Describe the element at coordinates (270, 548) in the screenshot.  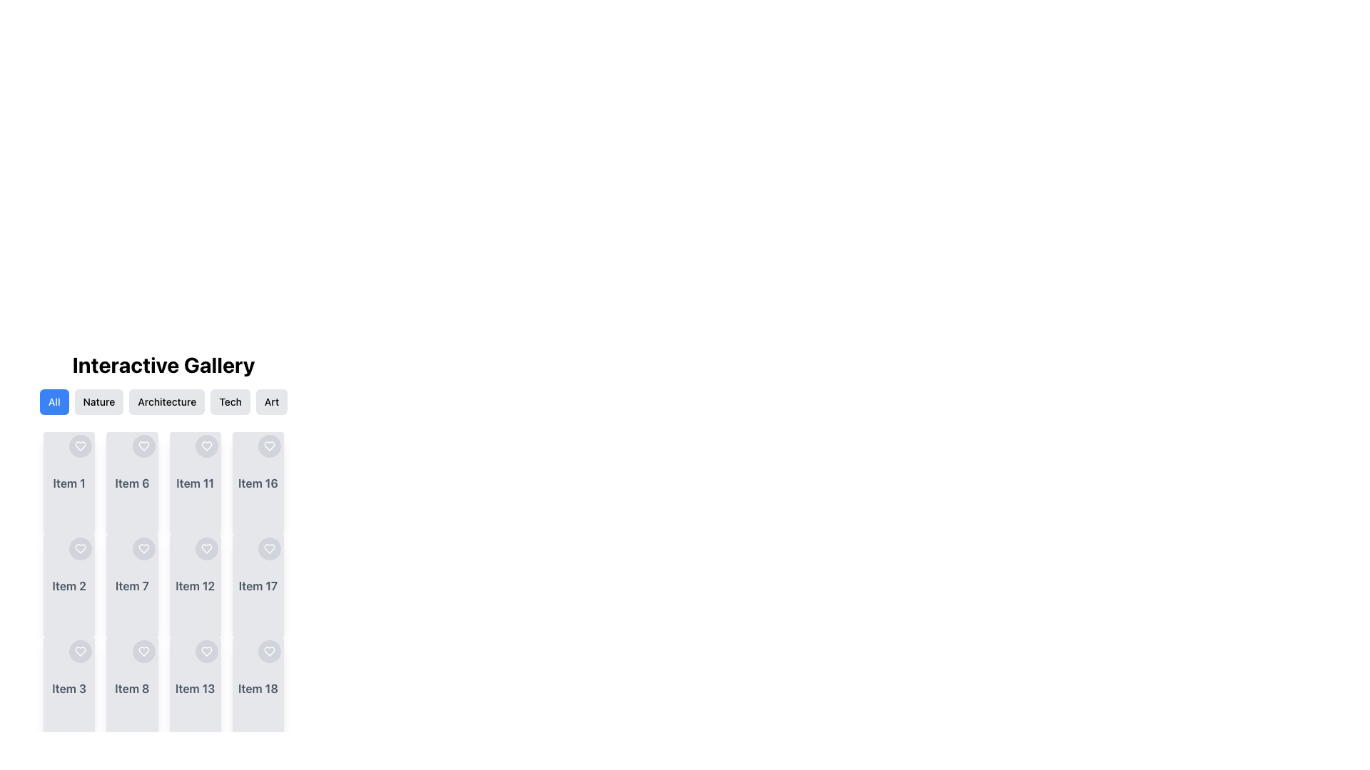
I see `the heart-shaped icon with a white fill and gray outline located in the top-right corner of the 'Item 17' card to like or favorite the associated item` at that location.